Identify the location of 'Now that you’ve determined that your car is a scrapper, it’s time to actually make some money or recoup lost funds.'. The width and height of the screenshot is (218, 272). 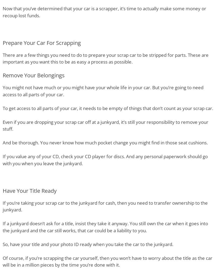
(104, 12).